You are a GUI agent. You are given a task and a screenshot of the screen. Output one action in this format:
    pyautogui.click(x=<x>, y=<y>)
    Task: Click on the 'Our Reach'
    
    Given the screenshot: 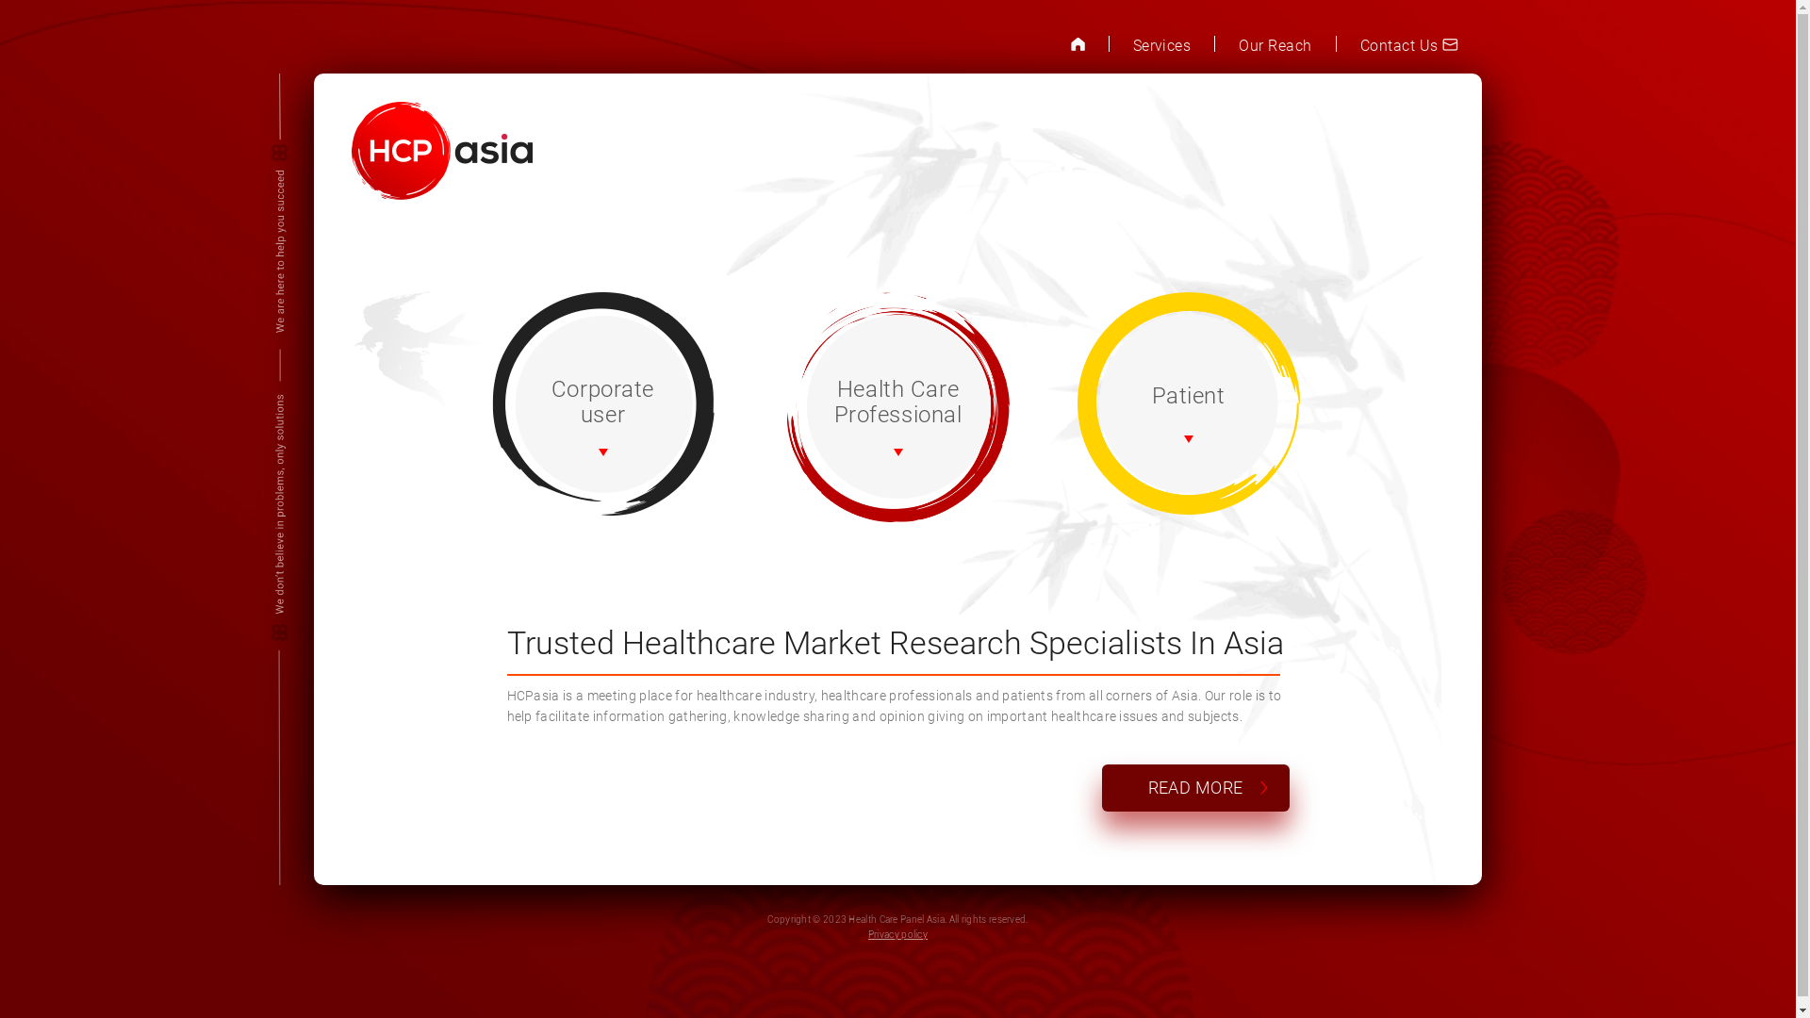 What is the action you would take?
    pyautogui.click(x=1275, y=44)
    